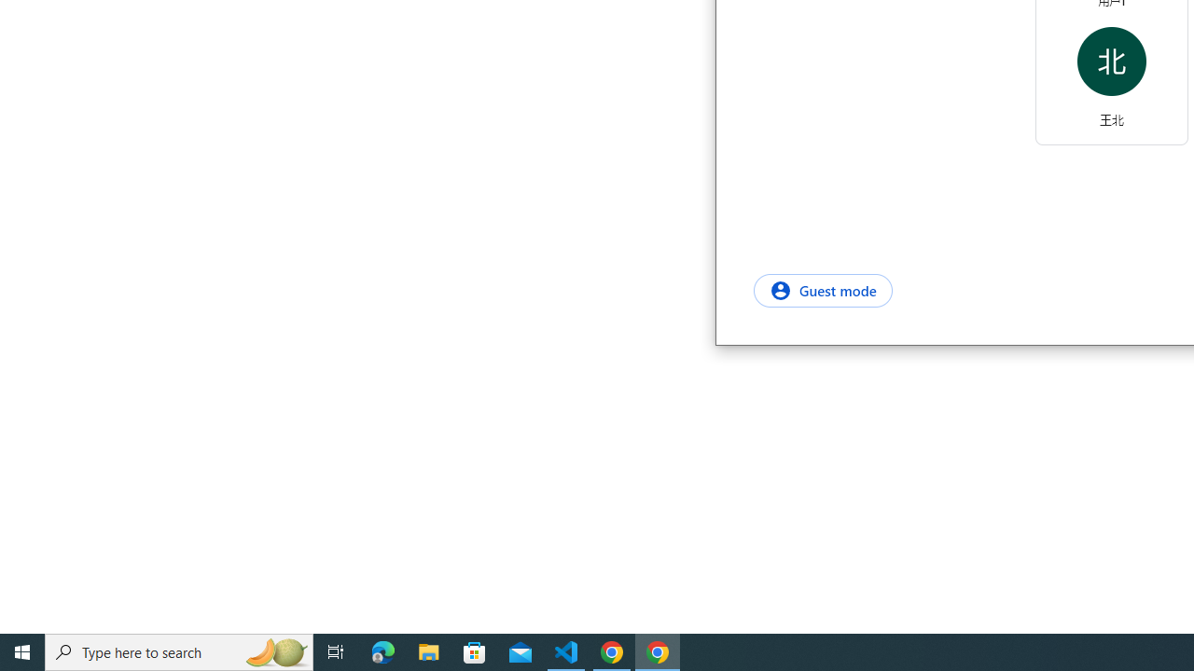 The width and height of the screenshot is (1194, 671). I want to click on 'Task View', so click(335, 650).